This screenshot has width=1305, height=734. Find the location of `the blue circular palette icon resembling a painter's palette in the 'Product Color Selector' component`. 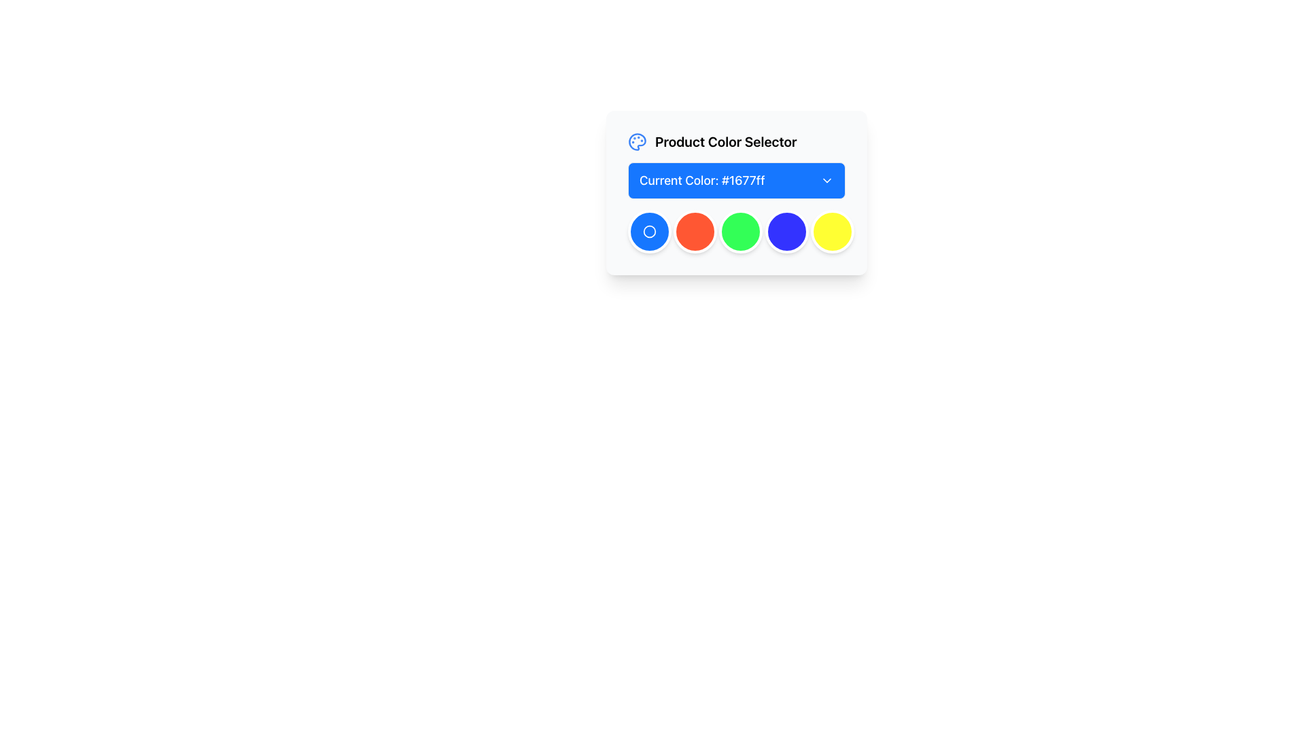

the blue circular palette icon resembling a painter's palette in the 'Product Color Selector' component is located at coordinates (636, 141).